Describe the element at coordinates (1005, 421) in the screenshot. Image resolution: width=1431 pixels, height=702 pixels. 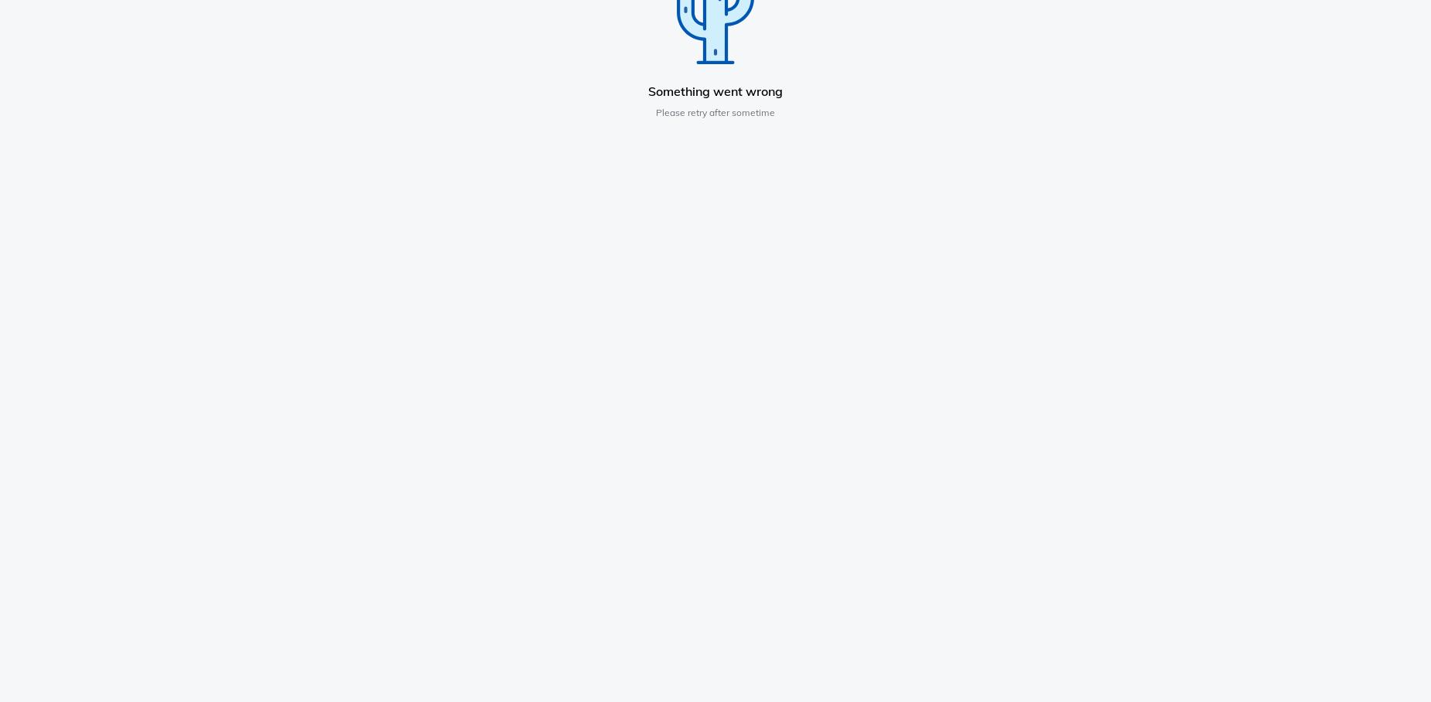
I see `'UTI Mutual Fund'` at that location.